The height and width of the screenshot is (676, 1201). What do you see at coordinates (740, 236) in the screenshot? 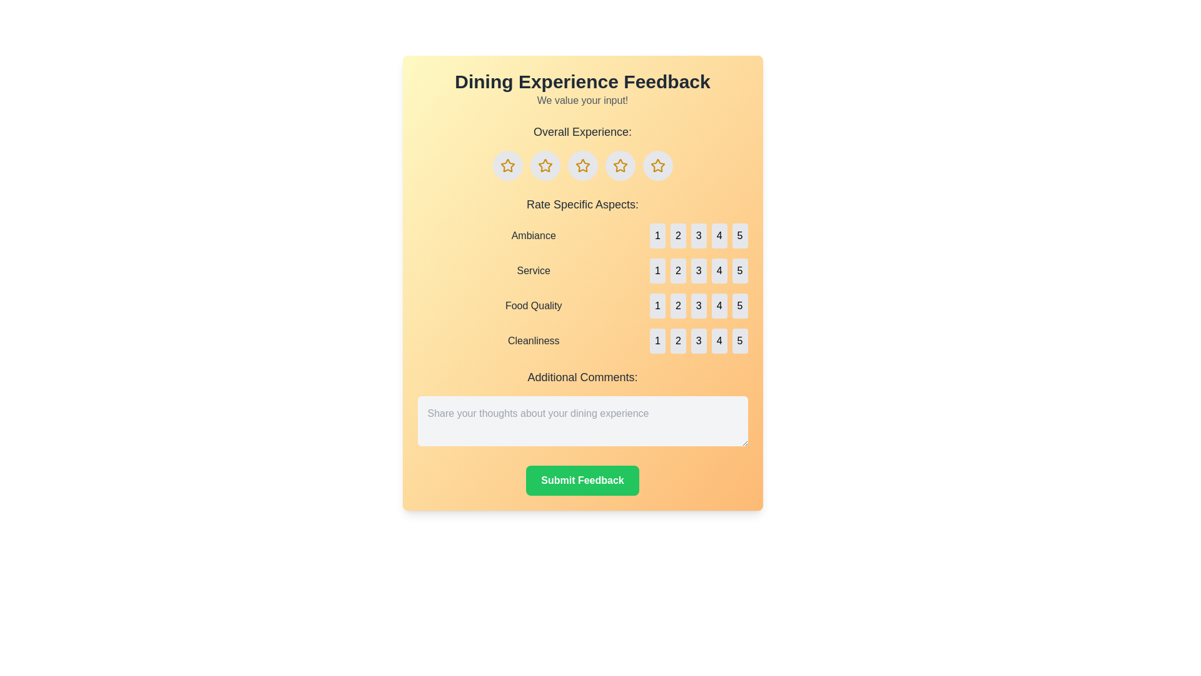
I see `the button labeled '5' under the 'Ambiance' rating category` at bounding box center [740, 236].